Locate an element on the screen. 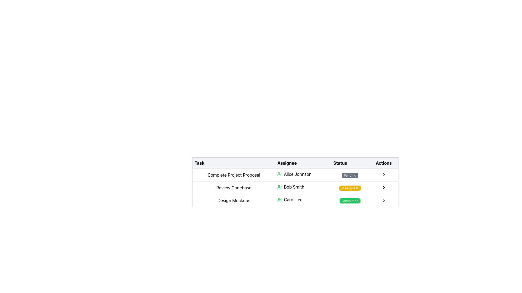  the non-interactive label indicating the status of the task 'Complete Project Proposal' located in the 'Status' column of the first row of the table is located at coordinates (350, 175).